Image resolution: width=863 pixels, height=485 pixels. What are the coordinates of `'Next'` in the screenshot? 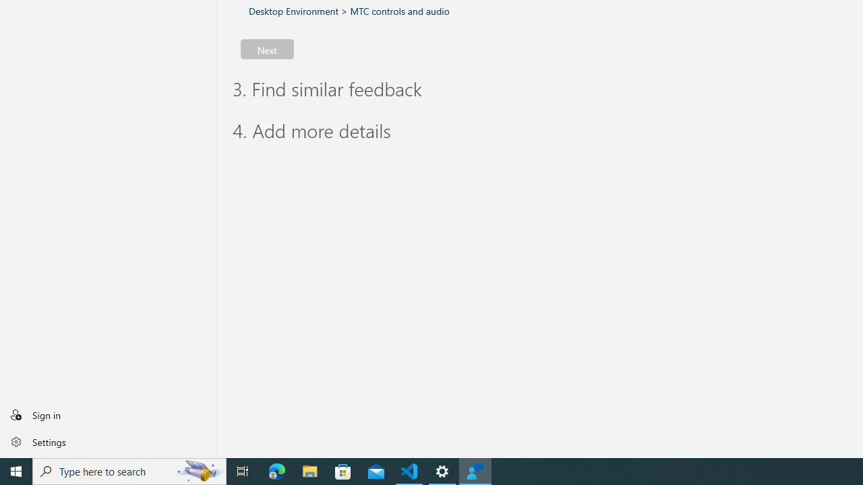 It's located at (267, 48).